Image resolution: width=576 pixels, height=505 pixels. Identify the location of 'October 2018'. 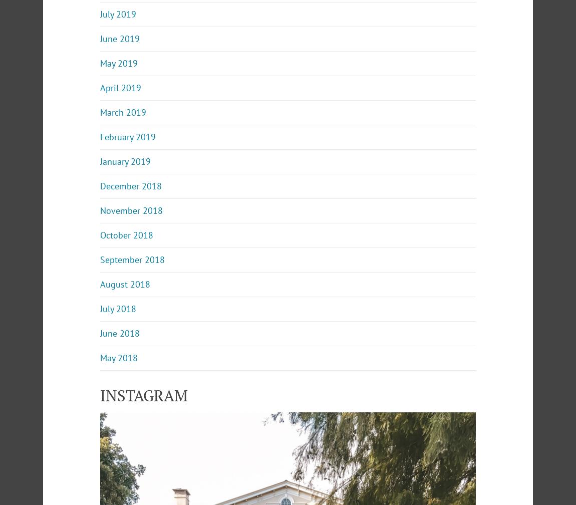
(126, 235).